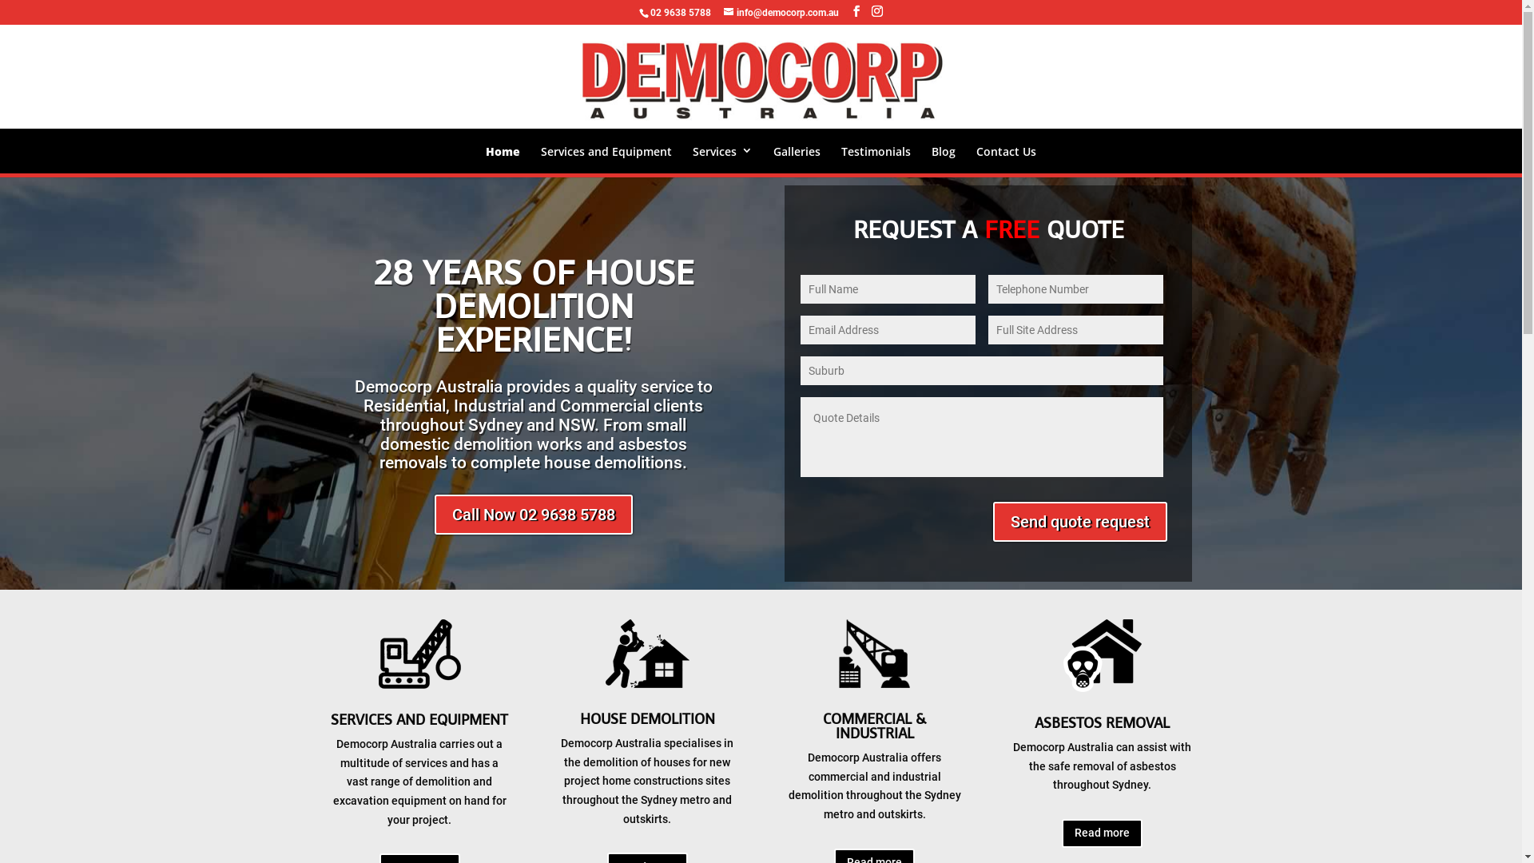 Image resolution: width=1534 pixels, height=863 pixels. Describe the element at coordinates (875, 151) in the screenshot. I see `'Testimonials'` at that location.